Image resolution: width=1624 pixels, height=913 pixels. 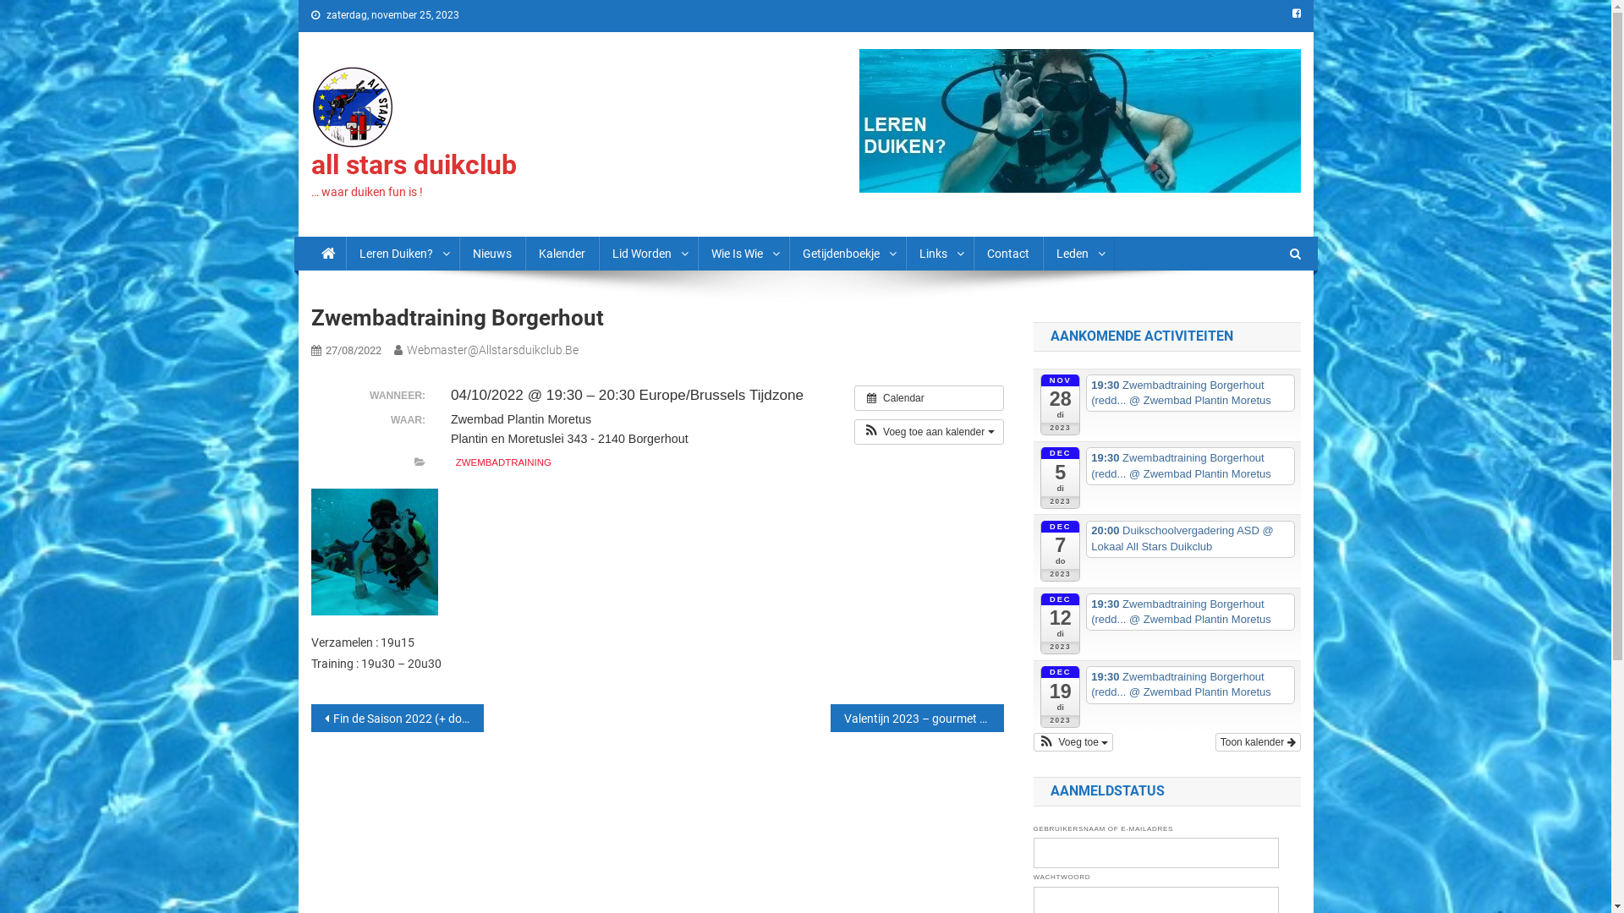 What do you see at coordinates (1007, 254) in the screenshot?
I see `'Contact'` at bounding box center [1007, 254].